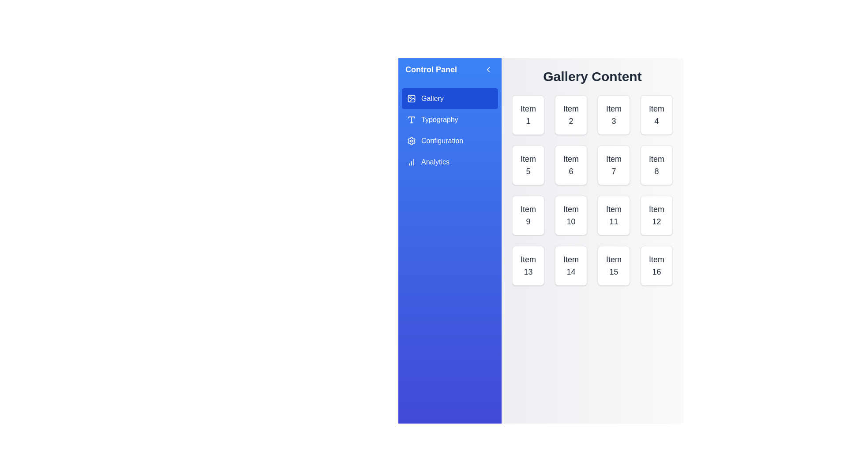 Image resolution: width=847 pixels, height=476 pixels. I want to click on the category Gallery from the menu, so click(450, 98).